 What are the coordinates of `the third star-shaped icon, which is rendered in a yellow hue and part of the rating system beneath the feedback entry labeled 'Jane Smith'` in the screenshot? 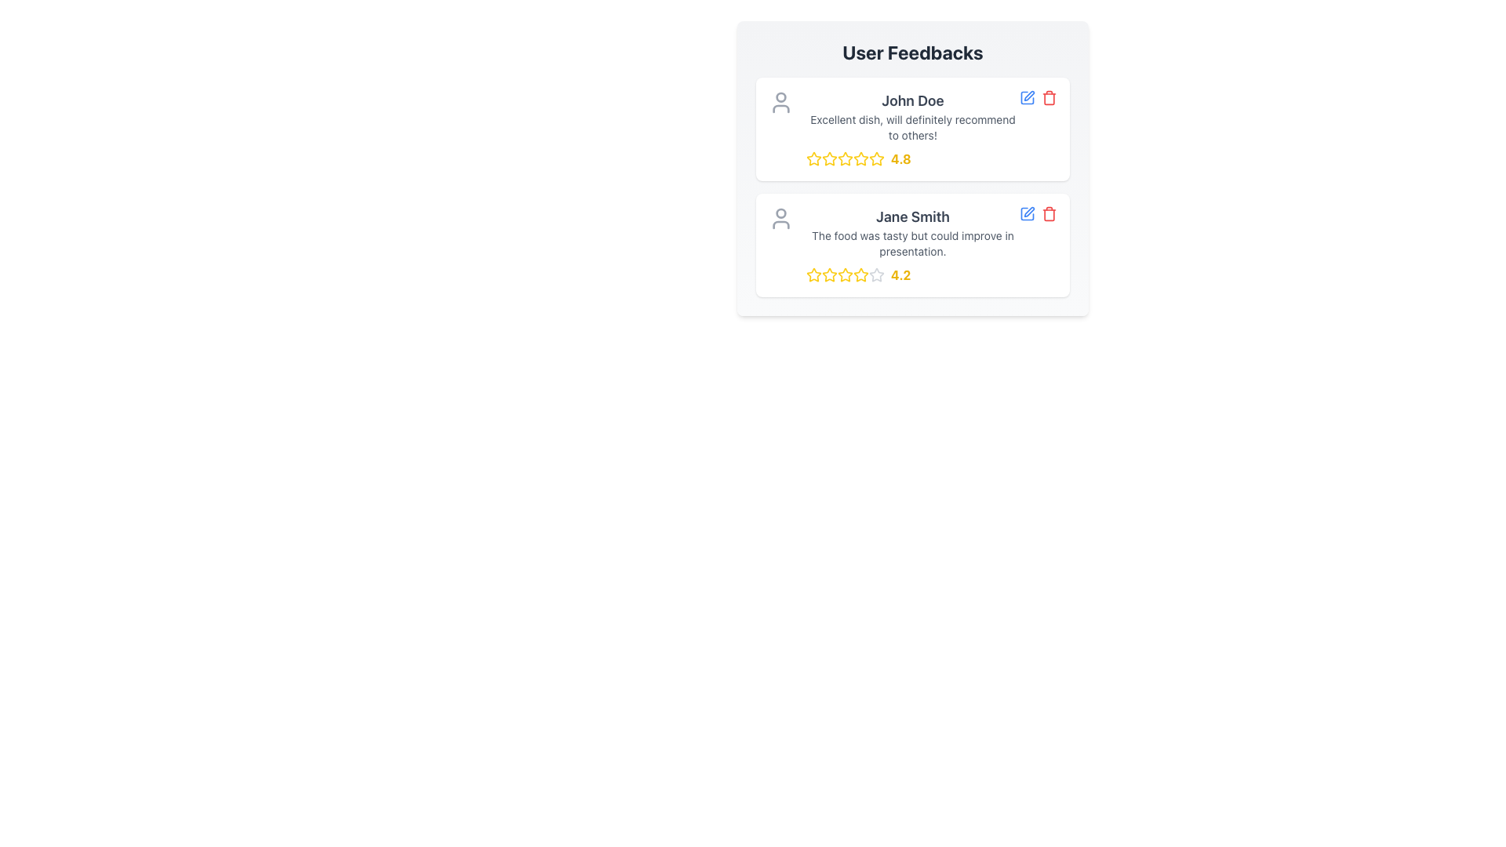 It's located at (828, 274).